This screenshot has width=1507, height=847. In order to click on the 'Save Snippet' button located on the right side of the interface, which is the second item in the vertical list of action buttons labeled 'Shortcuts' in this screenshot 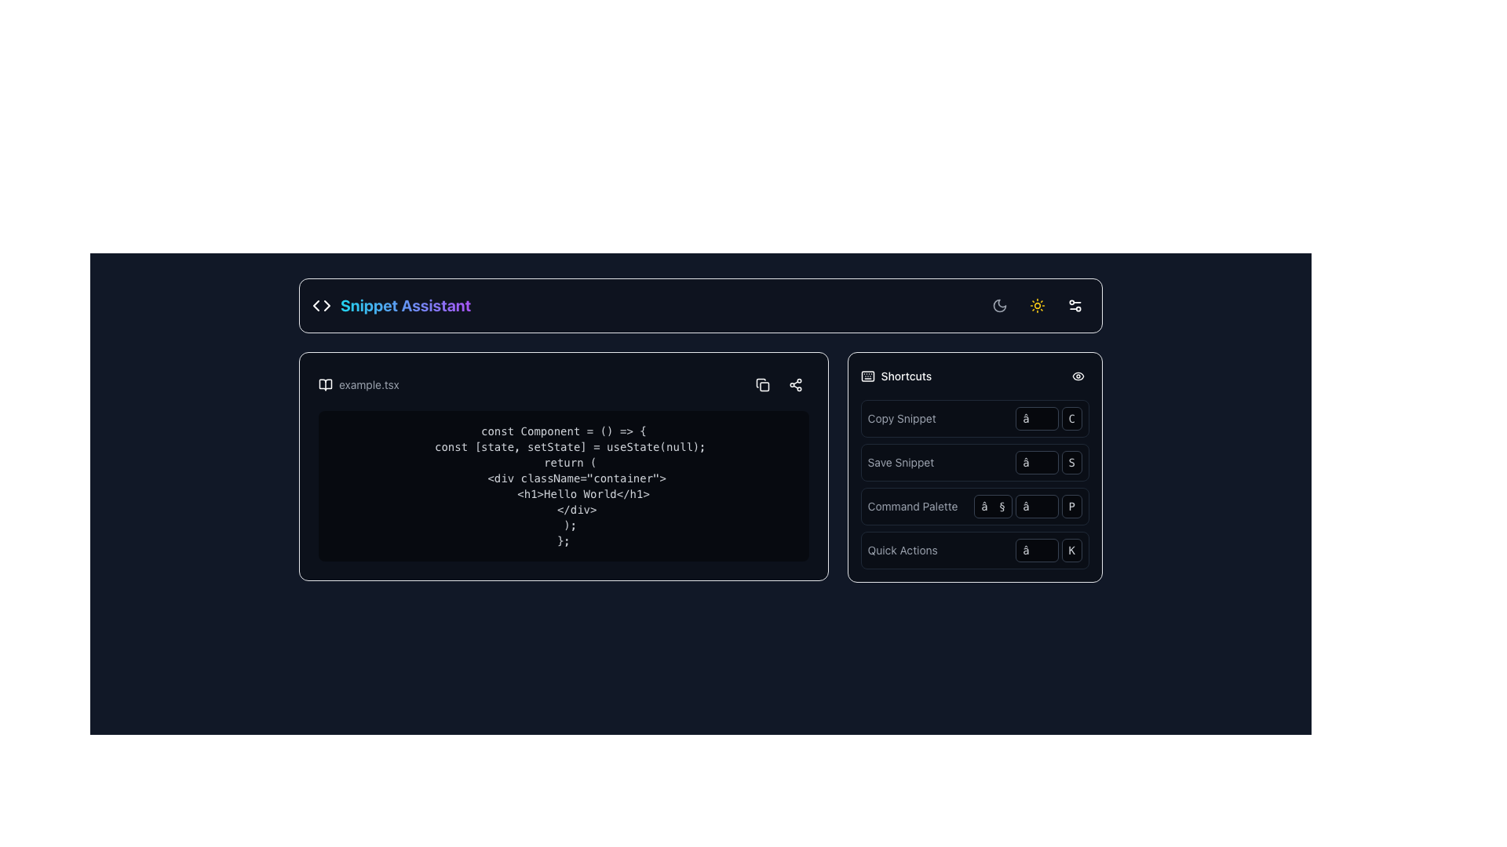, I will do `click(974, 462)`.